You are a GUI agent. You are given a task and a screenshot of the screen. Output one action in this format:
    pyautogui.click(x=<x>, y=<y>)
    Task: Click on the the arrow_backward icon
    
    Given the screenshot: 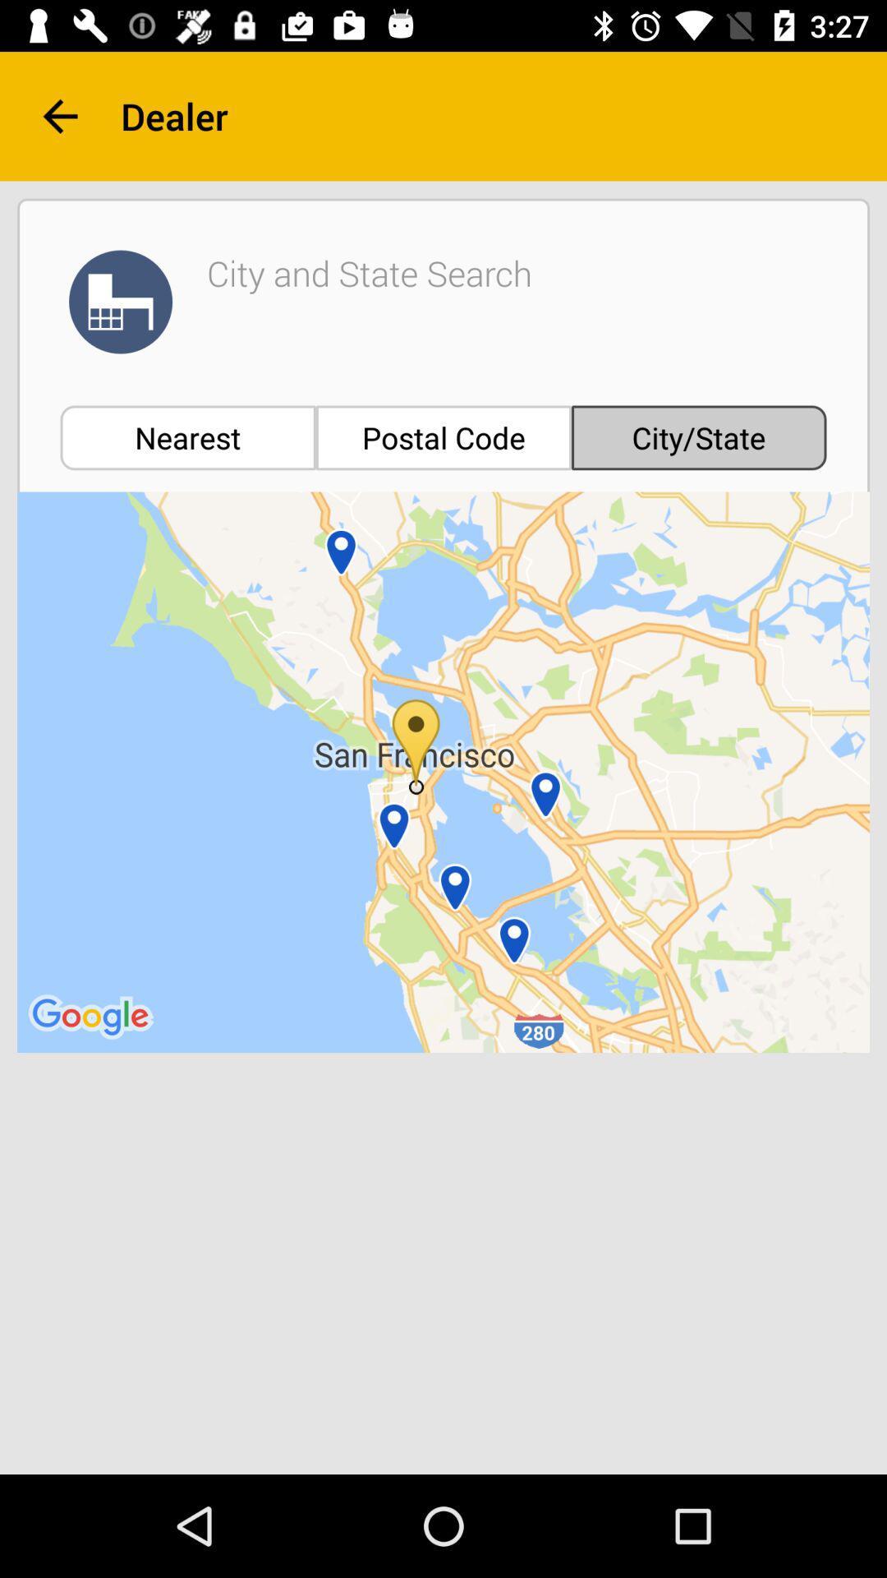 What is the action you would take?
    pyautogui.click(x=59, y=115)
    